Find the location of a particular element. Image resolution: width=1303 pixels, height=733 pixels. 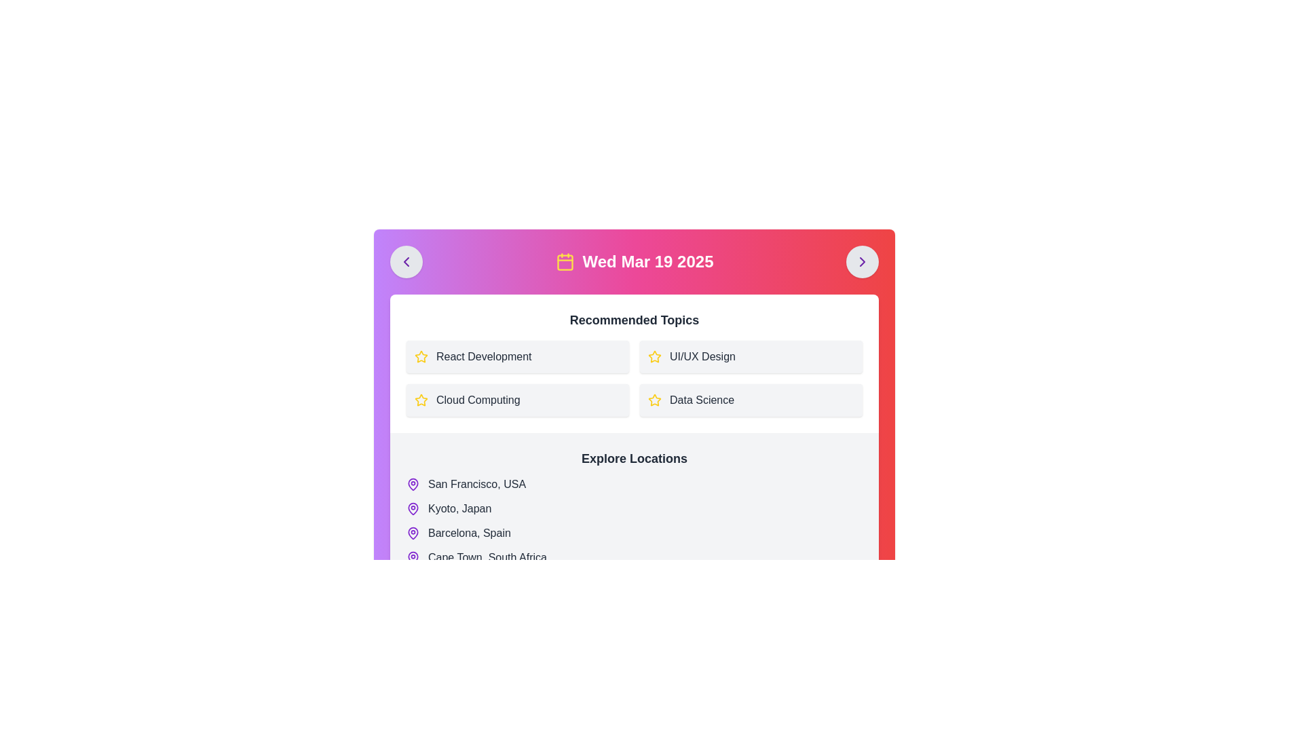

the circular gray button with a purple right-arrow icon located in the top-right corner of the interface is located at coordinates (862, 261).